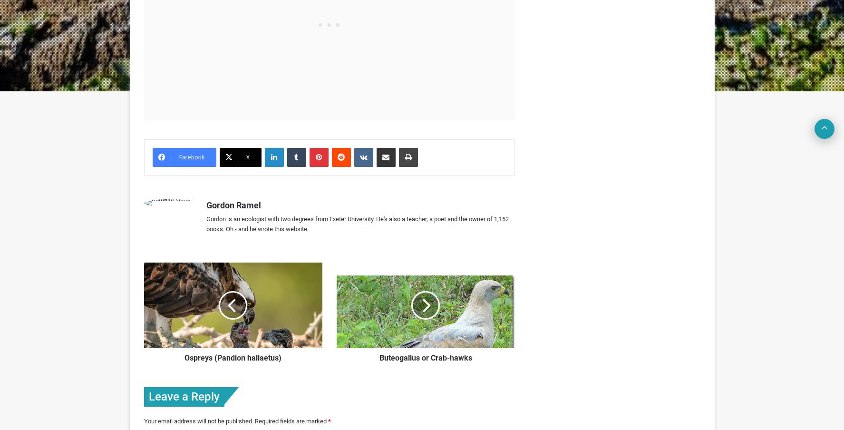 Image resolution: width=844 pixels, height=430 pixels. What do you see at coordinates (425, 357) in the screenshot?
I see `'Buteogallus or Crab-hawks'` at bounding box center [425, 357].